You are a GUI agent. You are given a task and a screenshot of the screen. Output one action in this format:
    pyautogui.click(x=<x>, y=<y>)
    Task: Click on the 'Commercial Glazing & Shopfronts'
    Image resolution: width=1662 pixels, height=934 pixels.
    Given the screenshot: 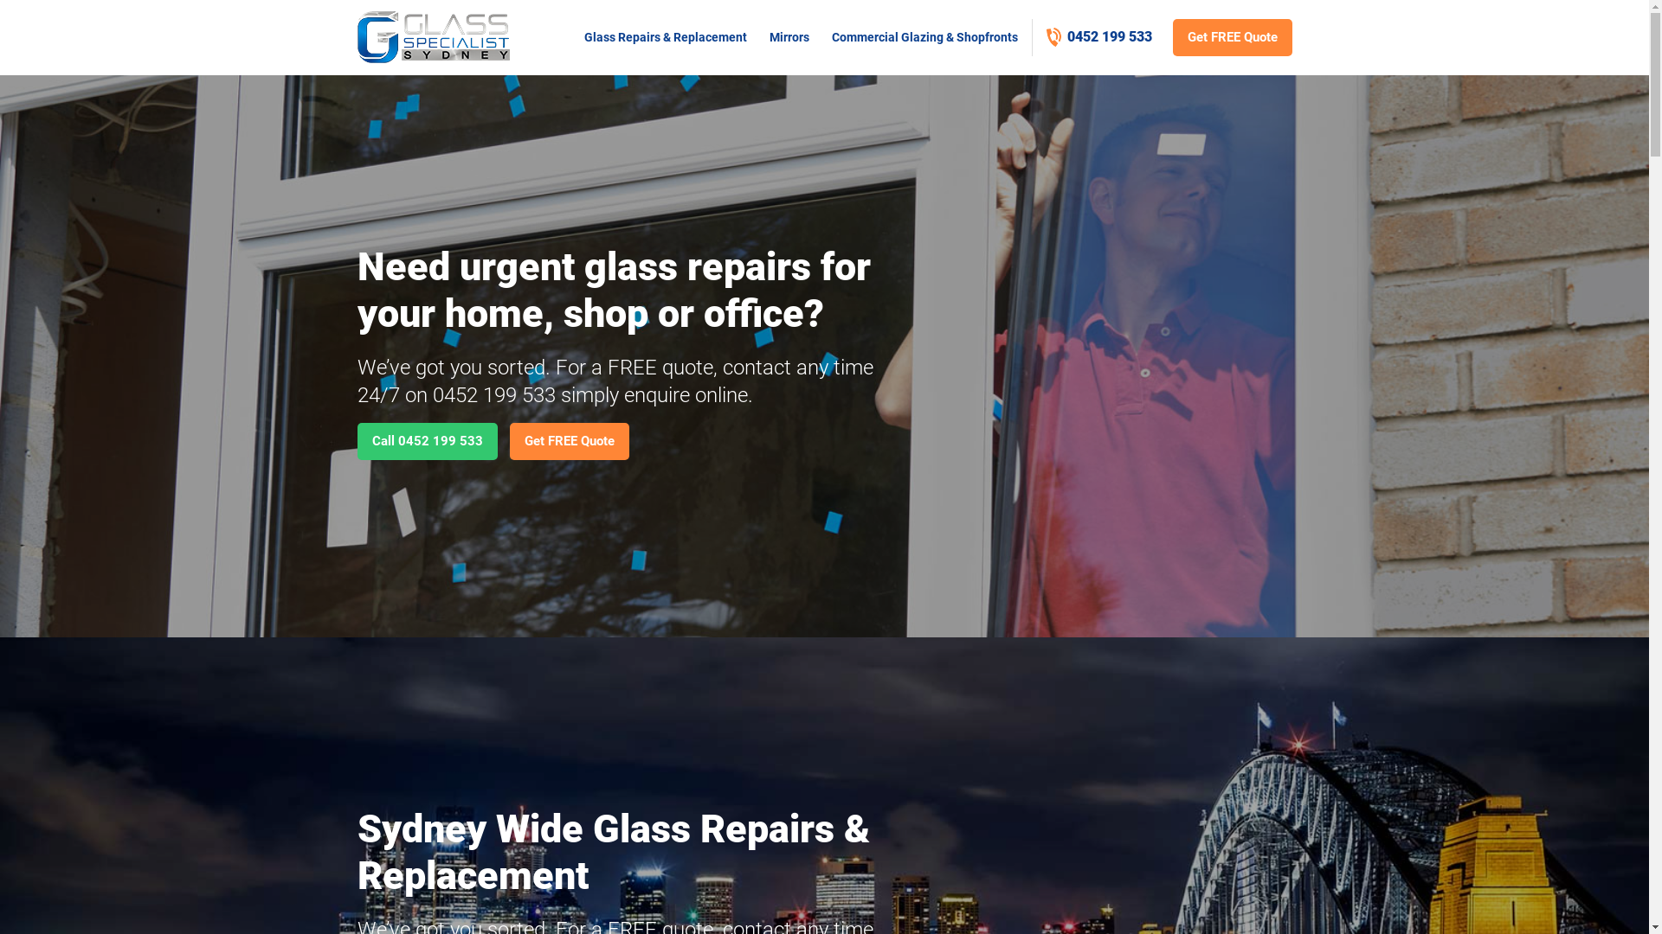 What is the action you would take?
    pyautogui.click(x=924, y=37)
    